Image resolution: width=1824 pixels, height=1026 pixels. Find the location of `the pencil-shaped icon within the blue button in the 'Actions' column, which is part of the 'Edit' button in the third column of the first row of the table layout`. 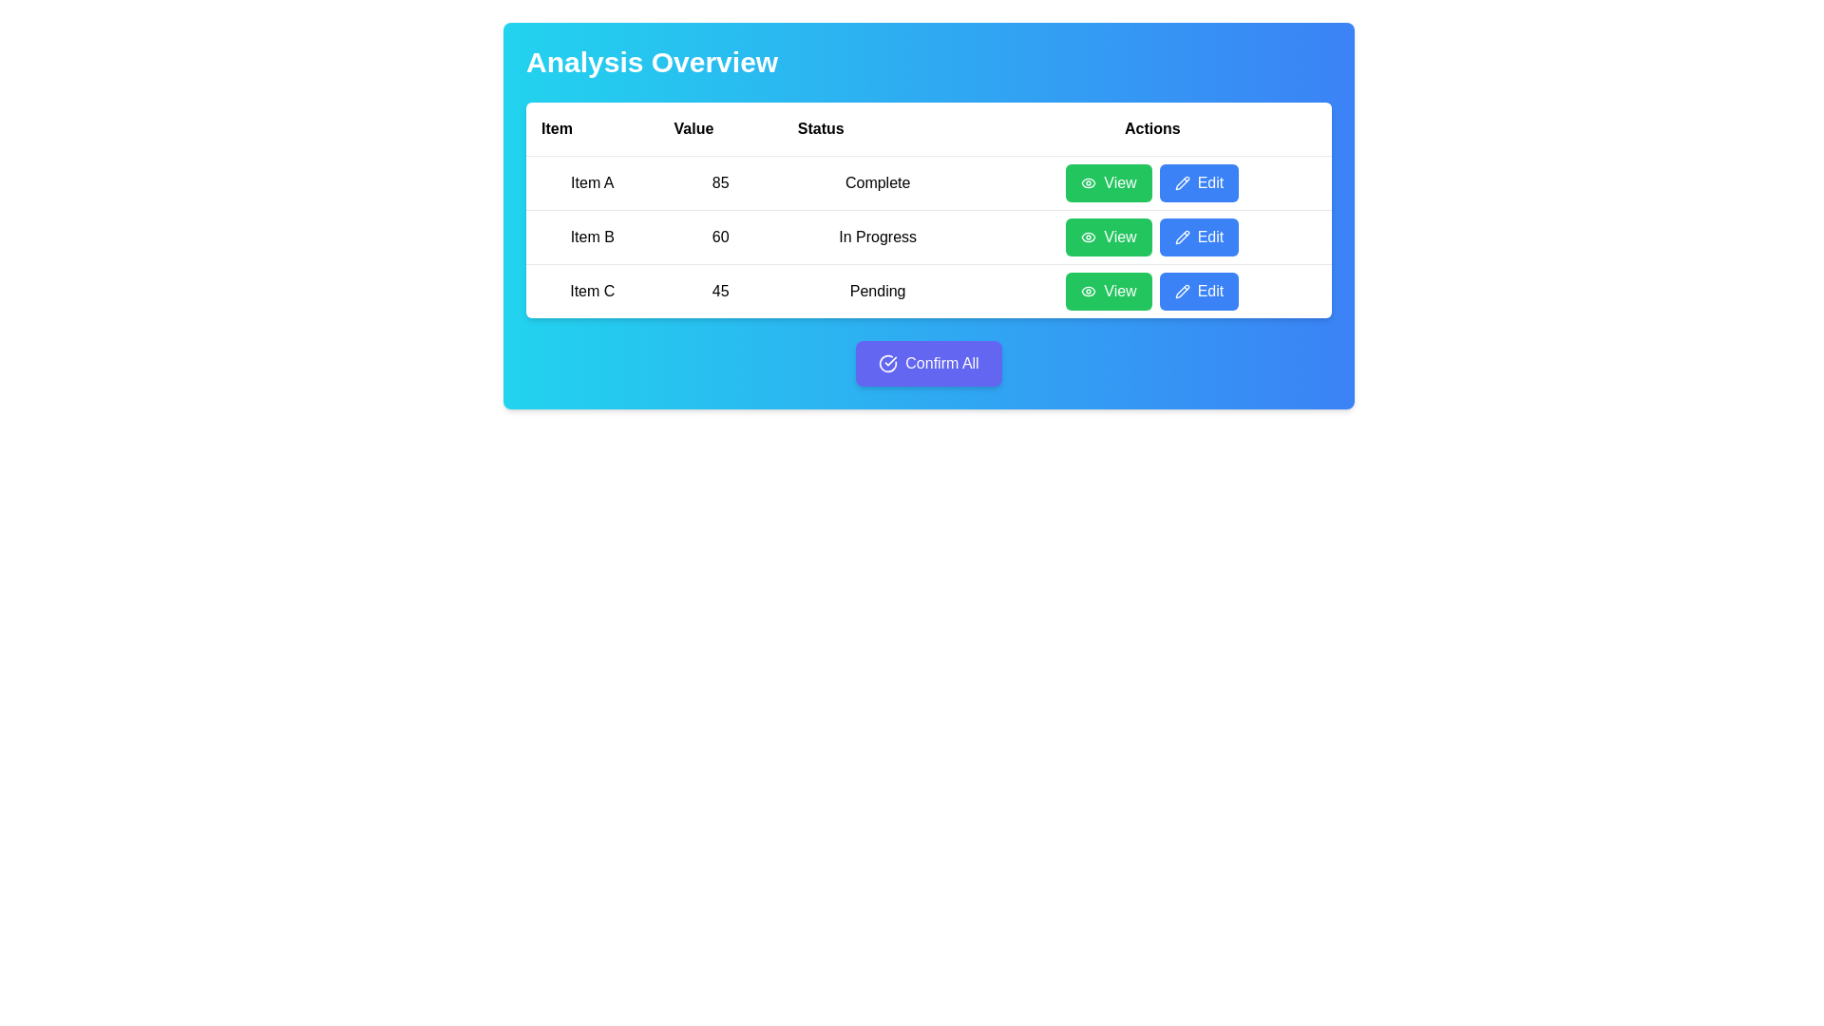

the pencil-shaped icon within the blue button in the 'Actions' column, which is part of the 'Edit' button in the third column of the first row of the table layout is located at coordinates (1181, 182).